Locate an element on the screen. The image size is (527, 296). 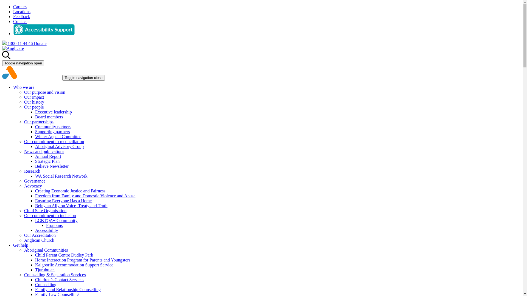
'Community partners' is located at coordinates (53, 127).